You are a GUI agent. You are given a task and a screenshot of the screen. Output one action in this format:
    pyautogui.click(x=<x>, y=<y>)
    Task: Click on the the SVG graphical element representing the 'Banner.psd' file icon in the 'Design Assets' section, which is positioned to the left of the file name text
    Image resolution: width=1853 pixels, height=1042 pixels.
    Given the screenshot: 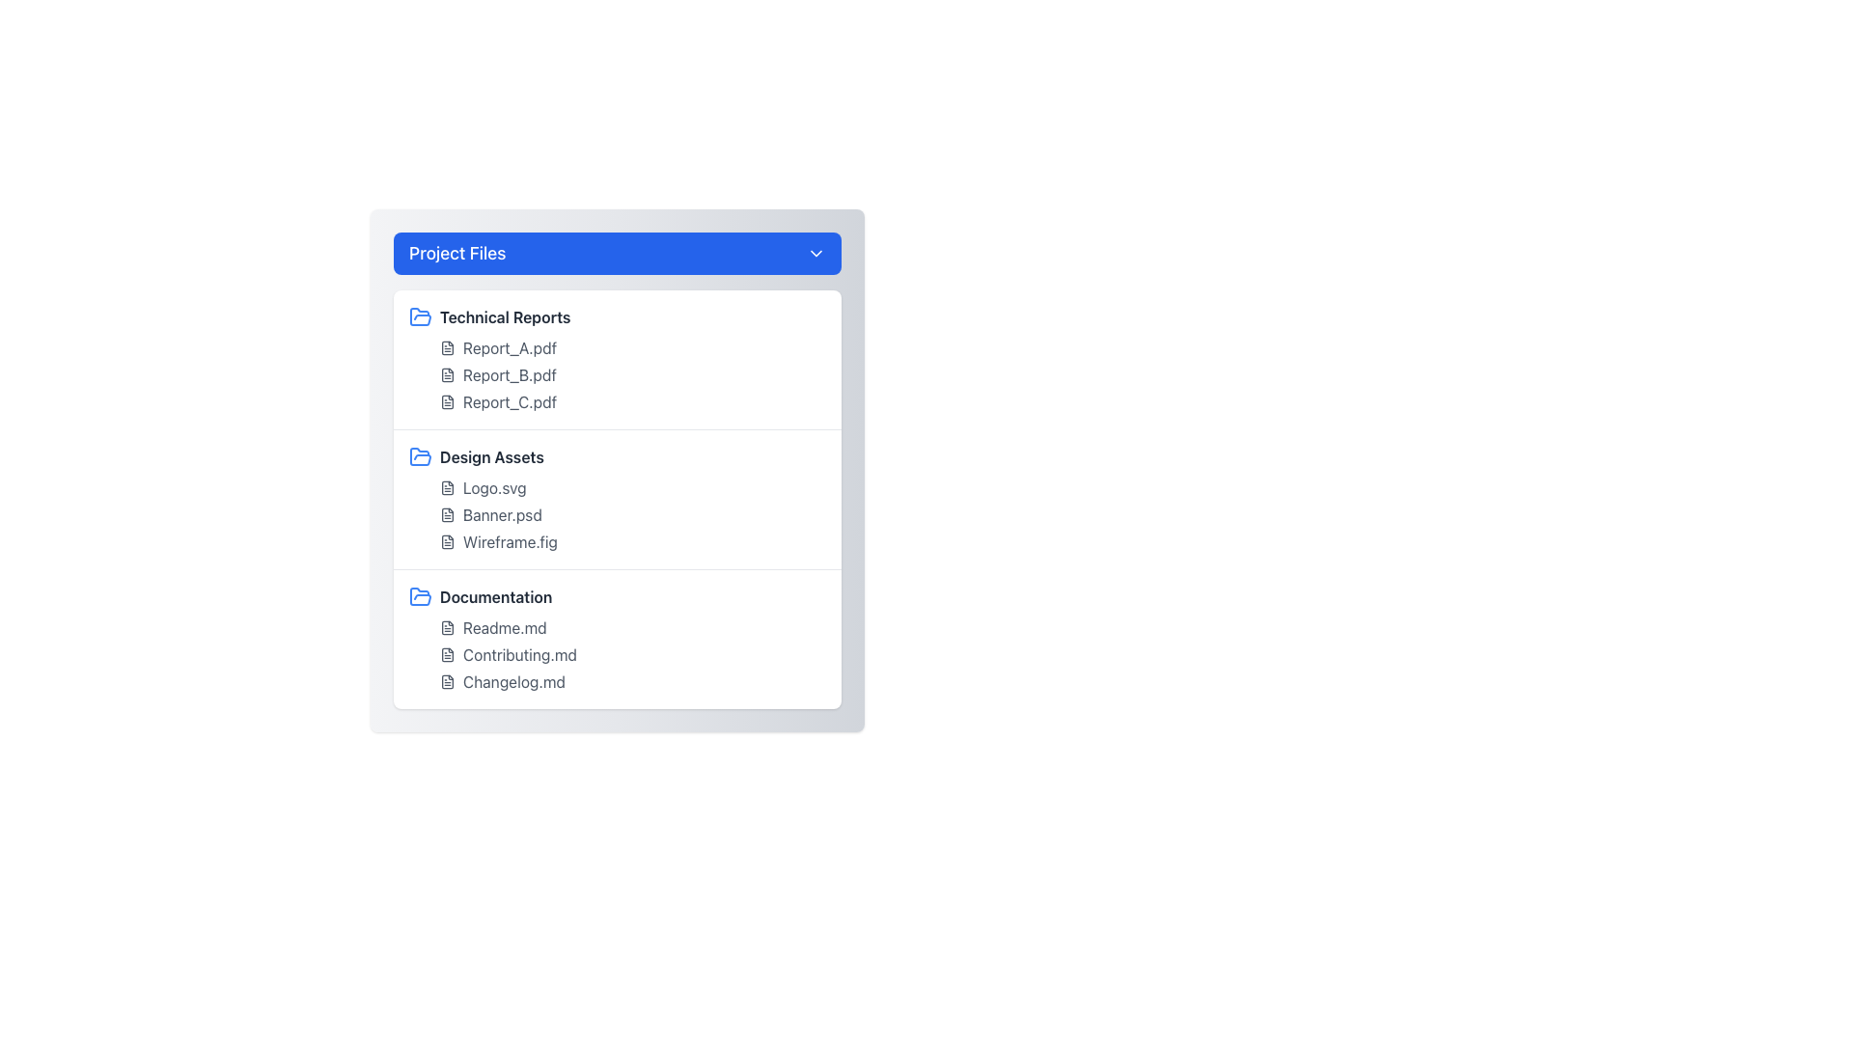 What is the action you would take?
    pyautogui.click(x=447, y=513)
    